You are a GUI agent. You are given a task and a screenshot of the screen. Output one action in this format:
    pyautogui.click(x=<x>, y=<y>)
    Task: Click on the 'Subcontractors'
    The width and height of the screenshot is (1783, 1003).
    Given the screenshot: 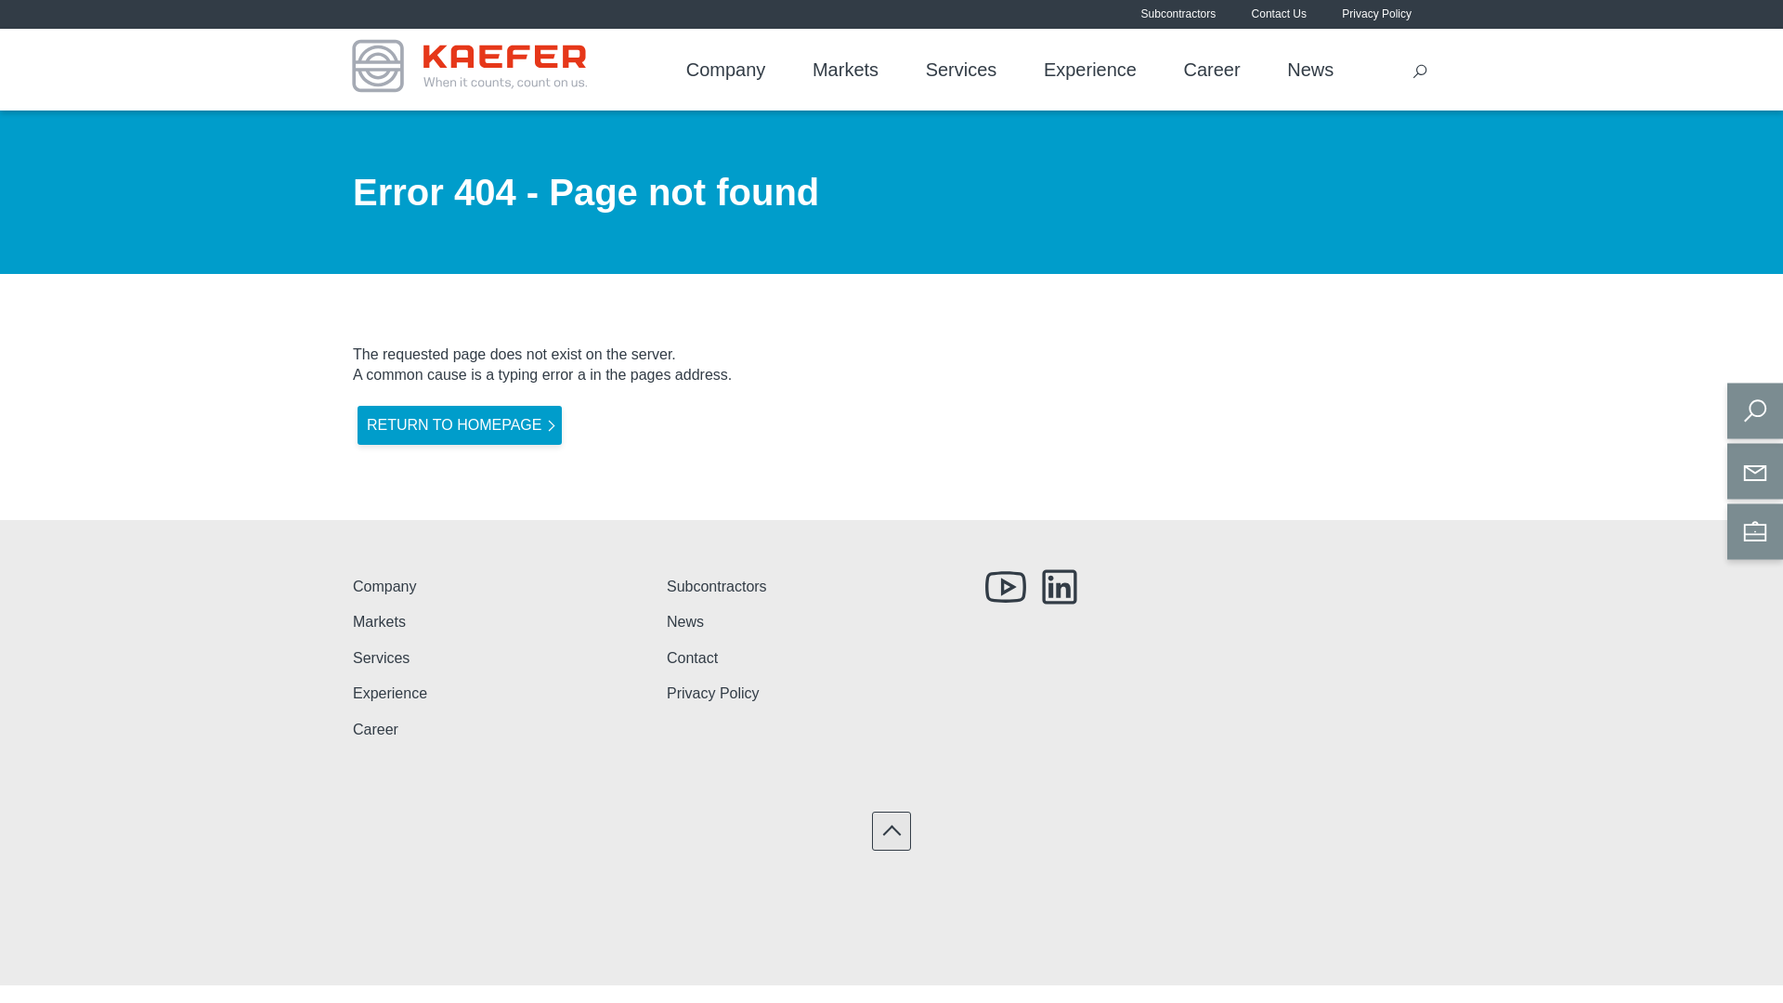 What is the action you would take?
    pyautogui.click(x=716, y=587)
    